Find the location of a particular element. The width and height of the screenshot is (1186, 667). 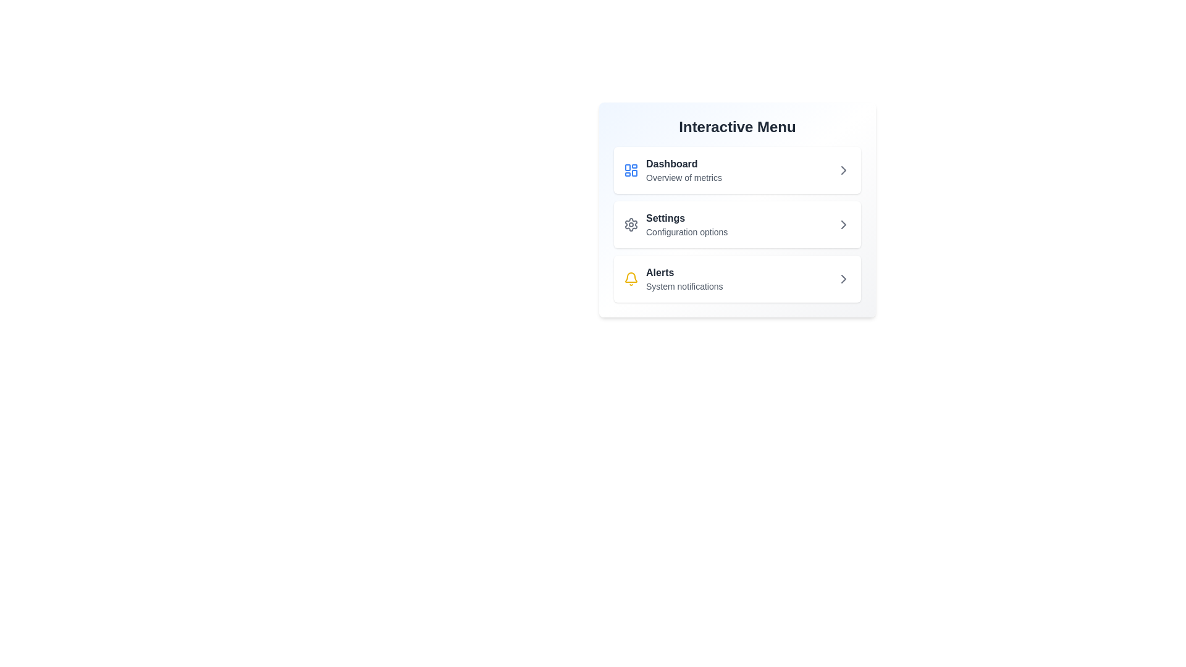

the second navigation link in the vertically stacked menu, which is located below the 'Dashboard' entry and above the 'Alerts' entry is located at coordinates (675, 224).